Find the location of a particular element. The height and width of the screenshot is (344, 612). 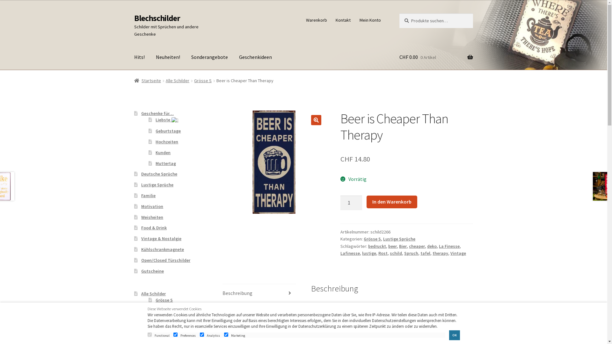

'Muttertag' is located at coordinates (156, 163).